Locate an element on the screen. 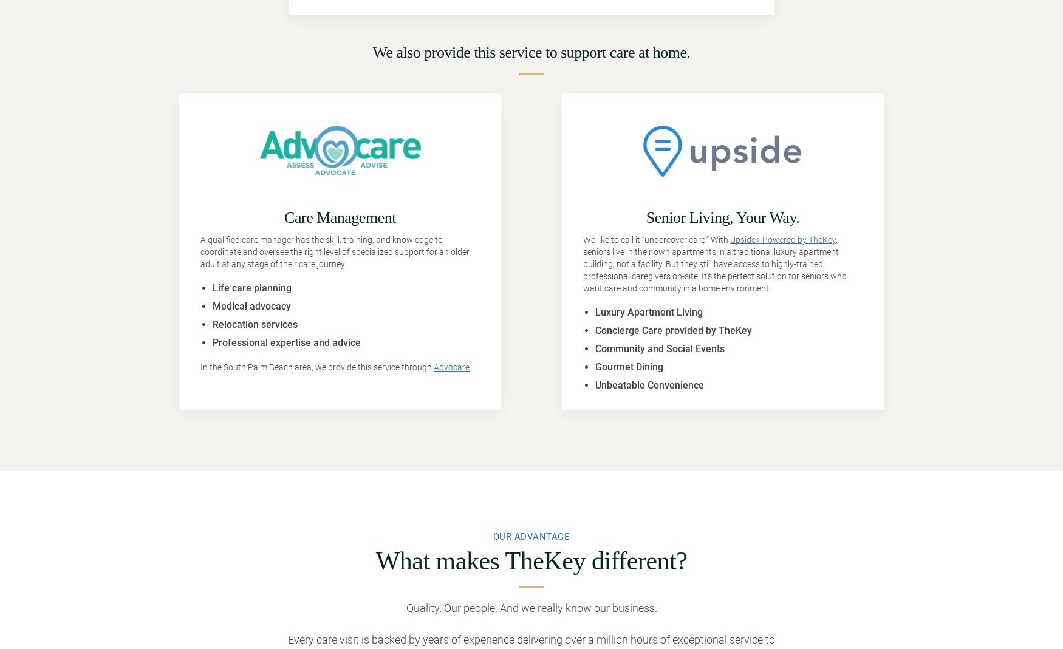 The width and height of the screenshot is (1063, 649). 'Concierge Care provided by TheKey' is located at coordinates (673, 330).